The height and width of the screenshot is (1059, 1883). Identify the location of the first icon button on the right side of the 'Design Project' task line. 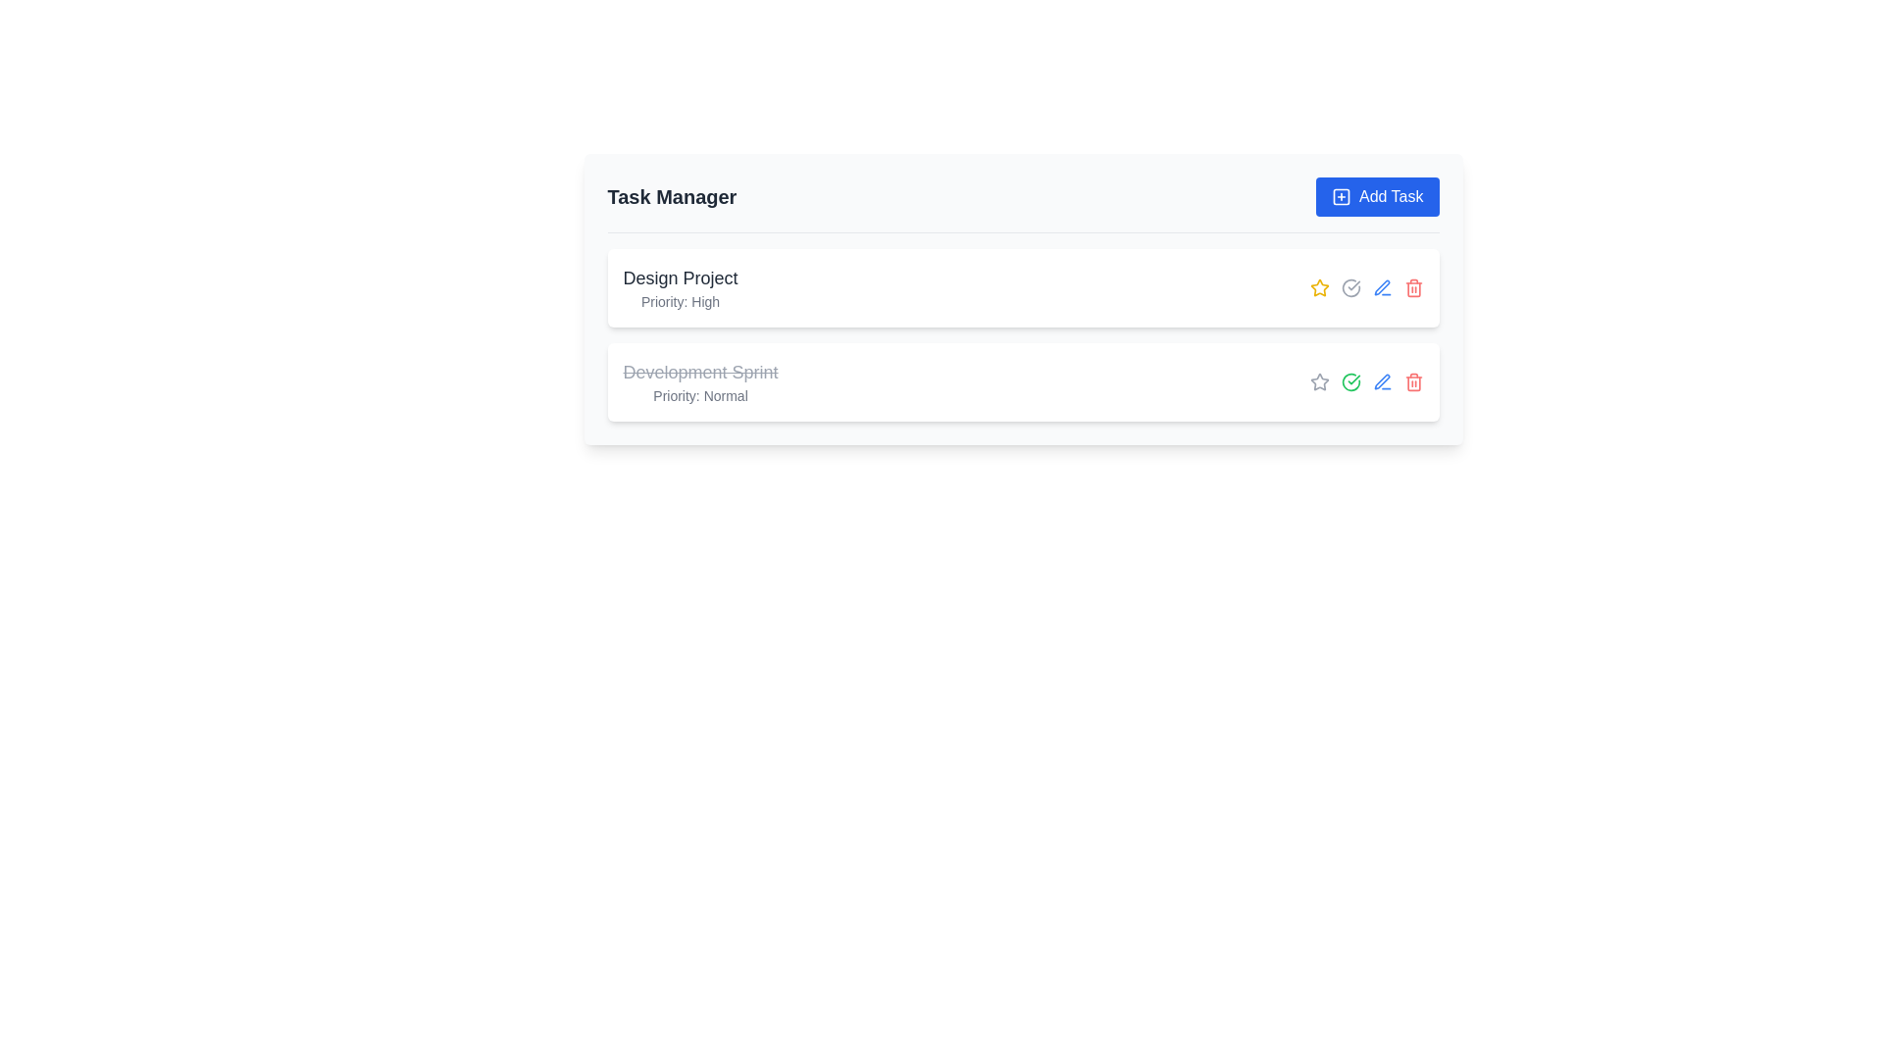
(1319, 381).